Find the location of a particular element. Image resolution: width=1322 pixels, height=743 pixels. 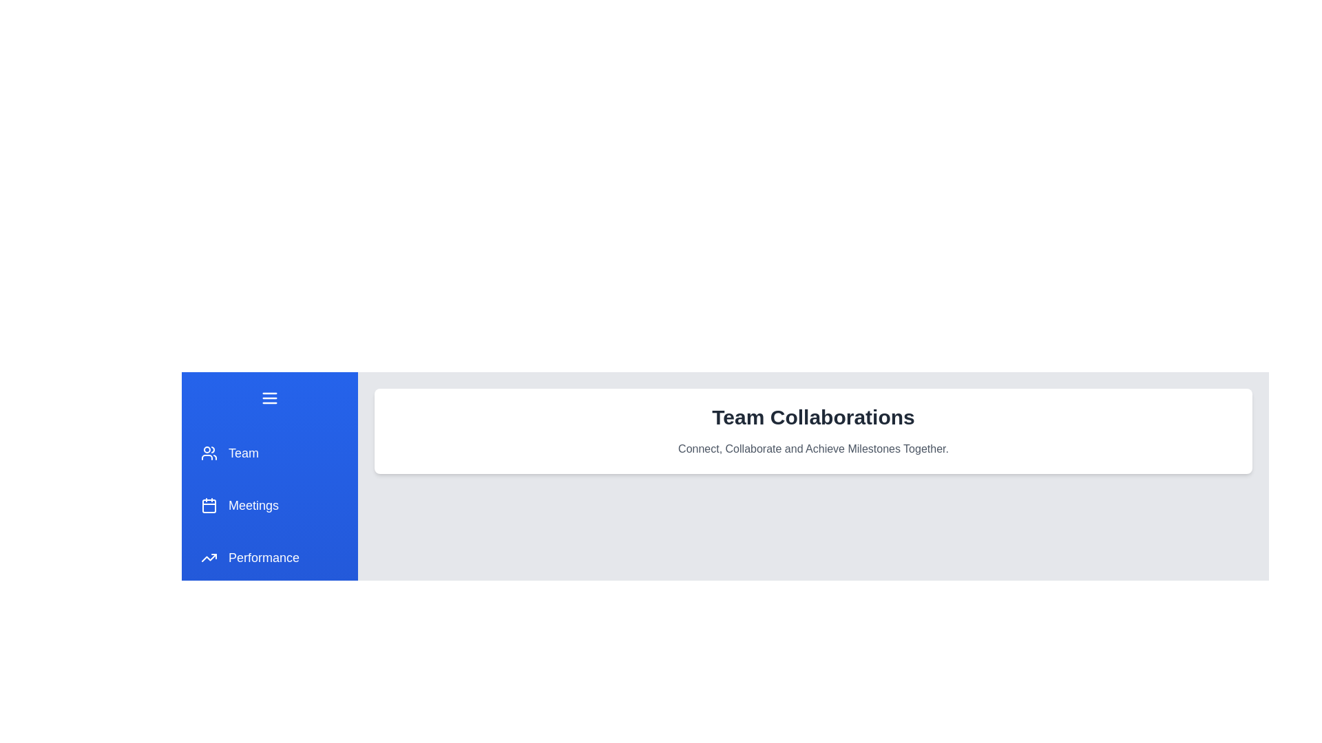

menu button to toggle the drawer is located at coordinates (270, 398).